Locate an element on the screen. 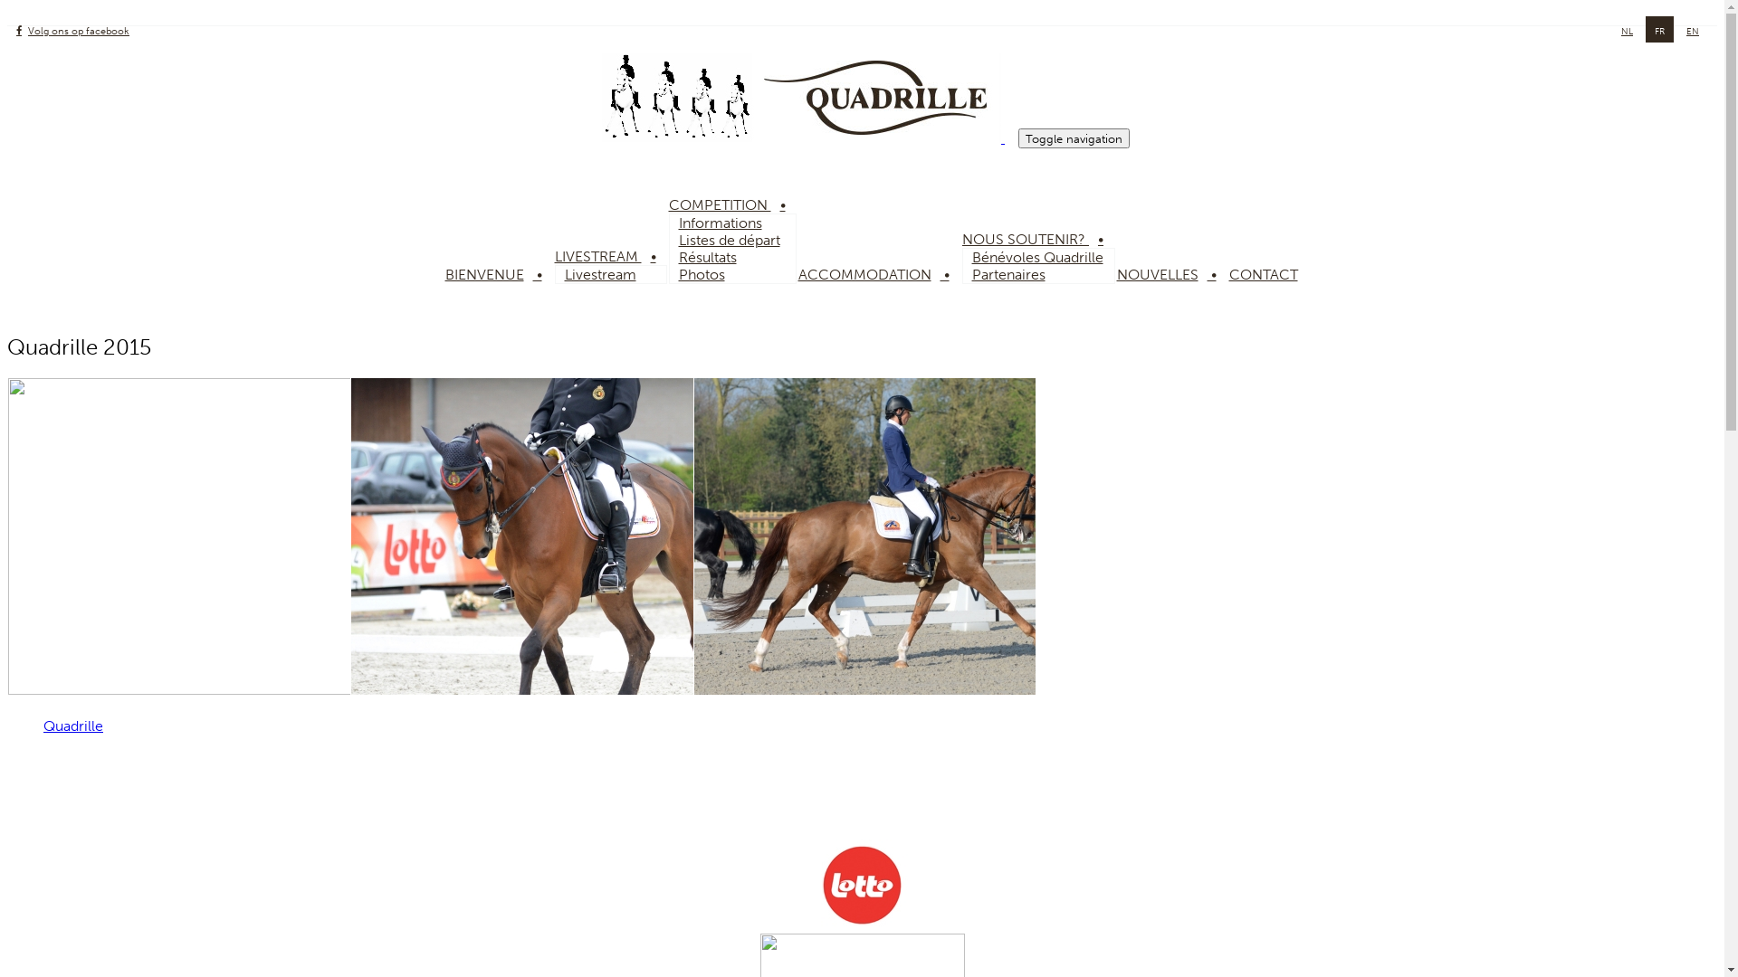 The width and height of the screenshot is (1738, 977). 'ACCOMMODATION' is located at coordinates (878, 274).